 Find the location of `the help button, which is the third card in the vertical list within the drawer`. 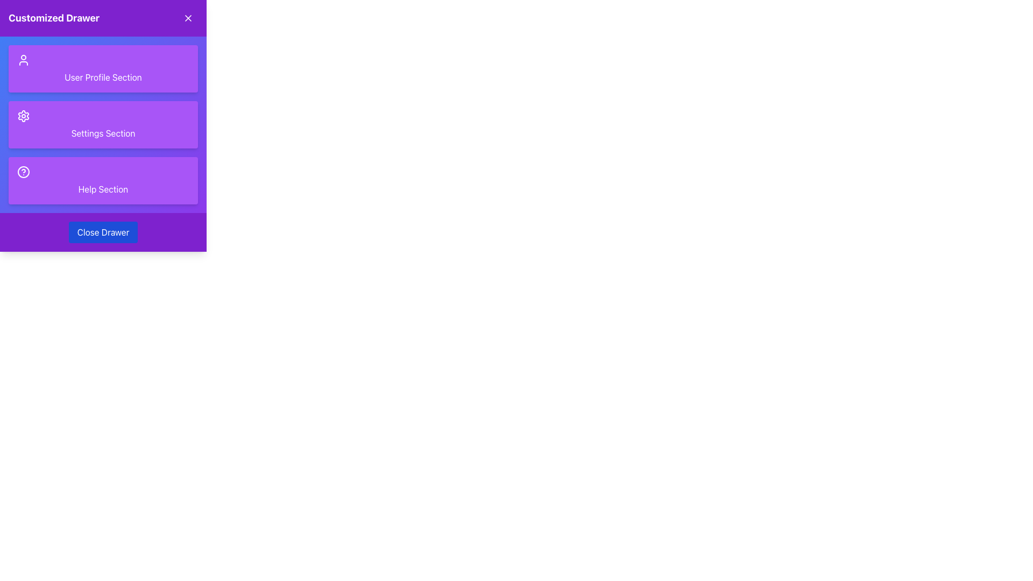

the help button, which is the third card in the vertical list within the drawer is located at coordinates (103, 180).